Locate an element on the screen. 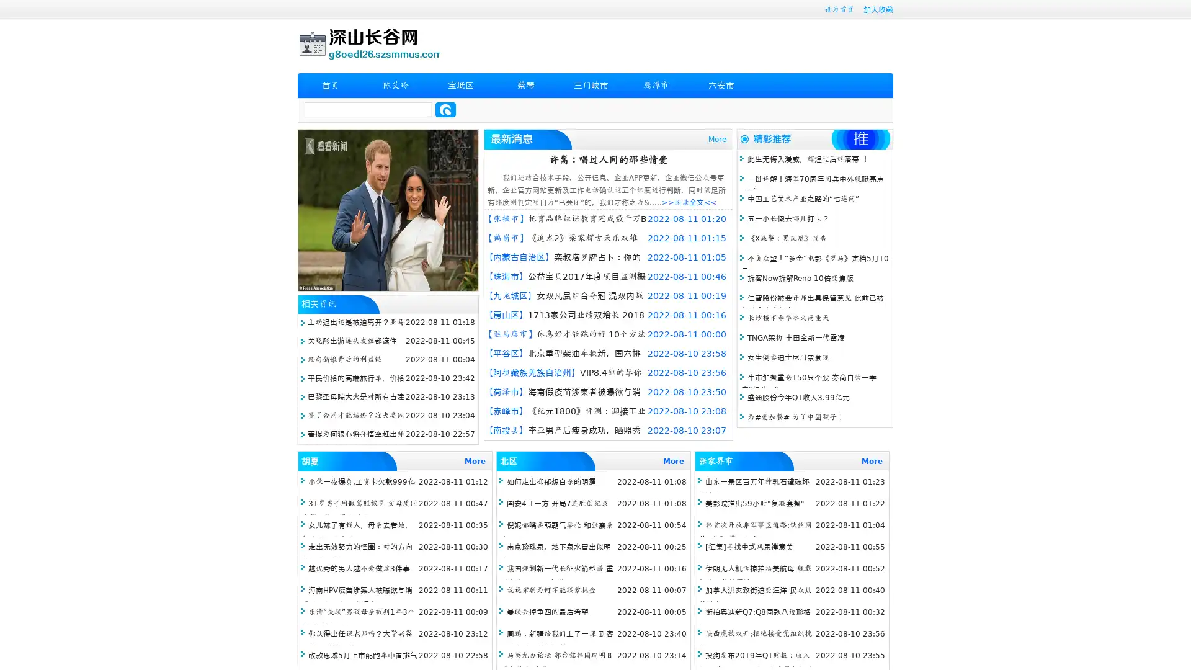 This screenshot has height=670, width=1191. Search is located at coordinates (445, 109).